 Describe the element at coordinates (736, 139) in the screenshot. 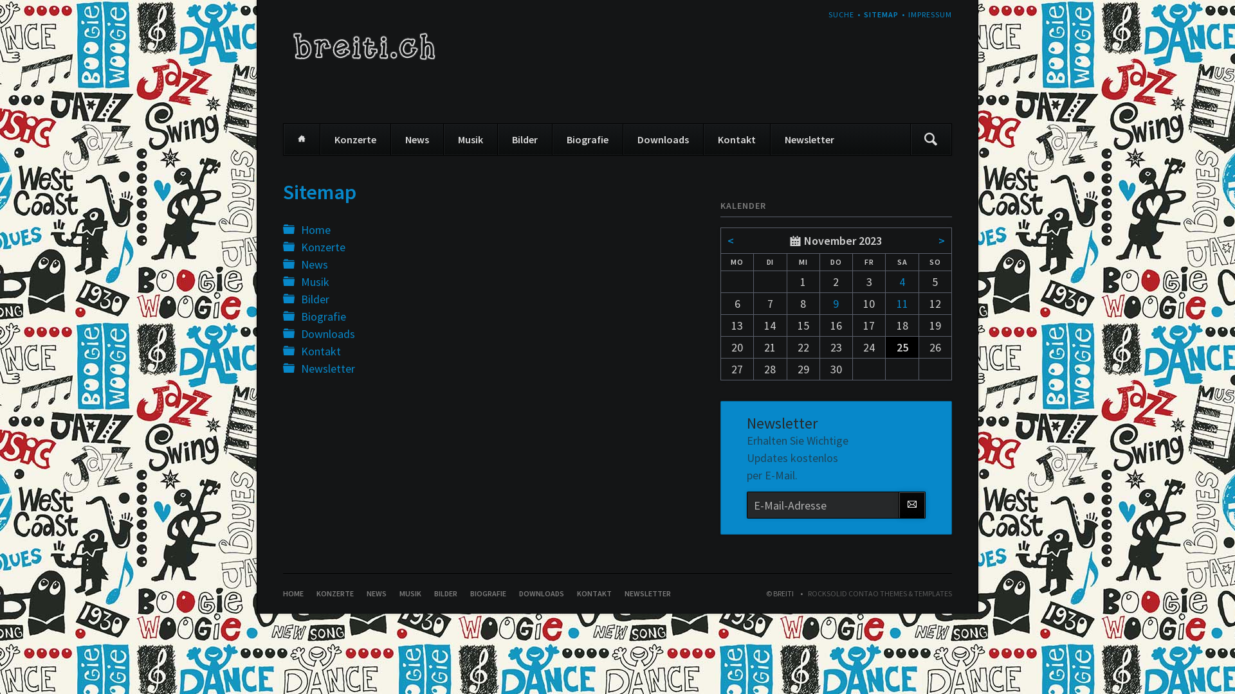

I see `'Kontakt'` at that location.